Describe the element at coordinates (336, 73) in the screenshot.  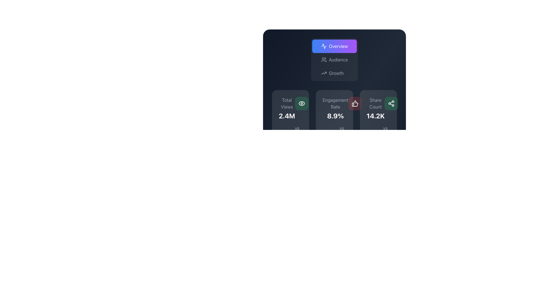
I see `the 'Growth' text label in the vertical navigation menu` at that location.